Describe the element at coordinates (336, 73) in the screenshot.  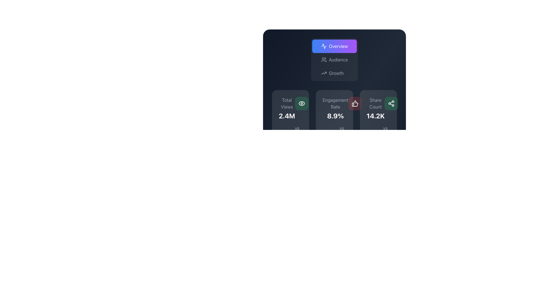
I see `the 'Growth' text label in the vertical navigation menu` at that location.